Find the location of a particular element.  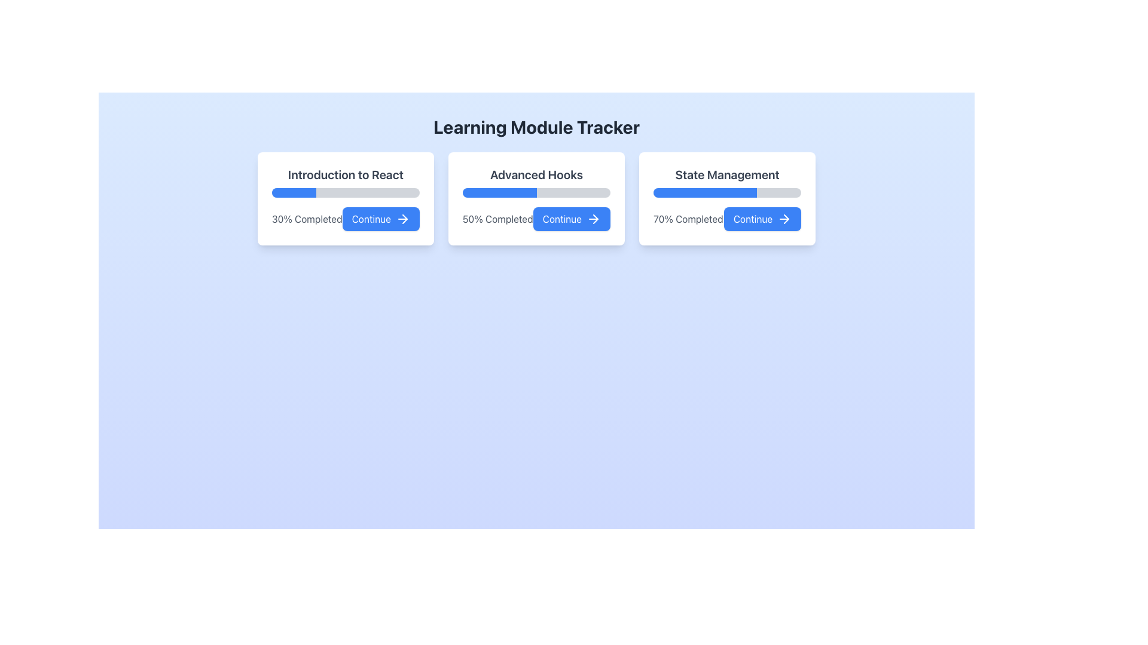

the text label element displaying '30% Completed', which is styled in gray and situated to the left of the 'Continue' button is located at coordinates (307, 219).